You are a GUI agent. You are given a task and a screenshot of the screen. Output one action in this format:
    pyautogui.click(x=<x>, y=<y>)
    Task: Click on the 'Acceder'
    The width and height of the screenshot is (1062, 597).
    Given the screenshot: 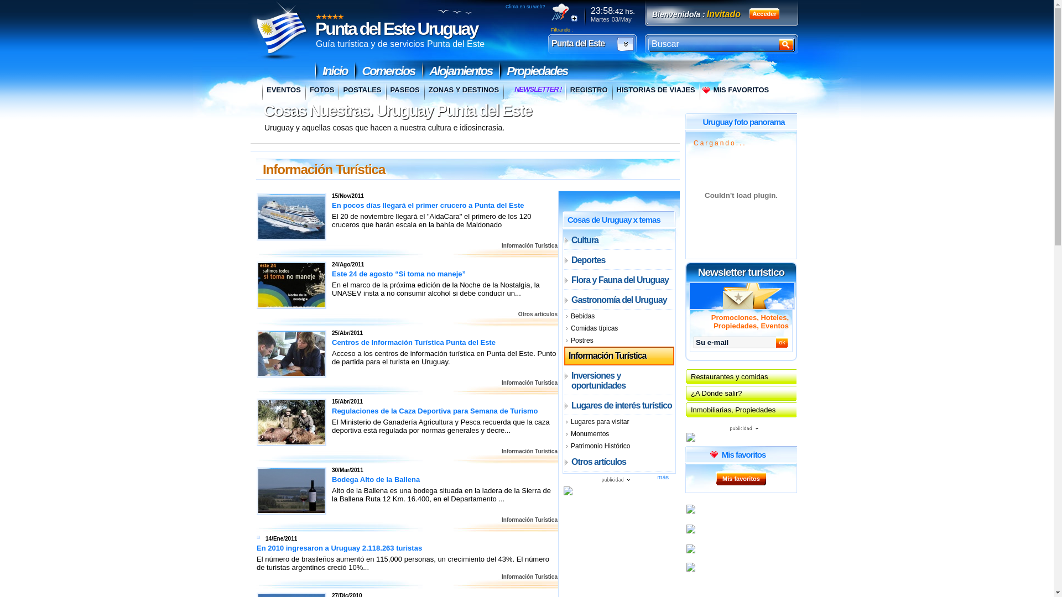 What is the action you would take?
    pyautogui.click(x=764, y=13)
    